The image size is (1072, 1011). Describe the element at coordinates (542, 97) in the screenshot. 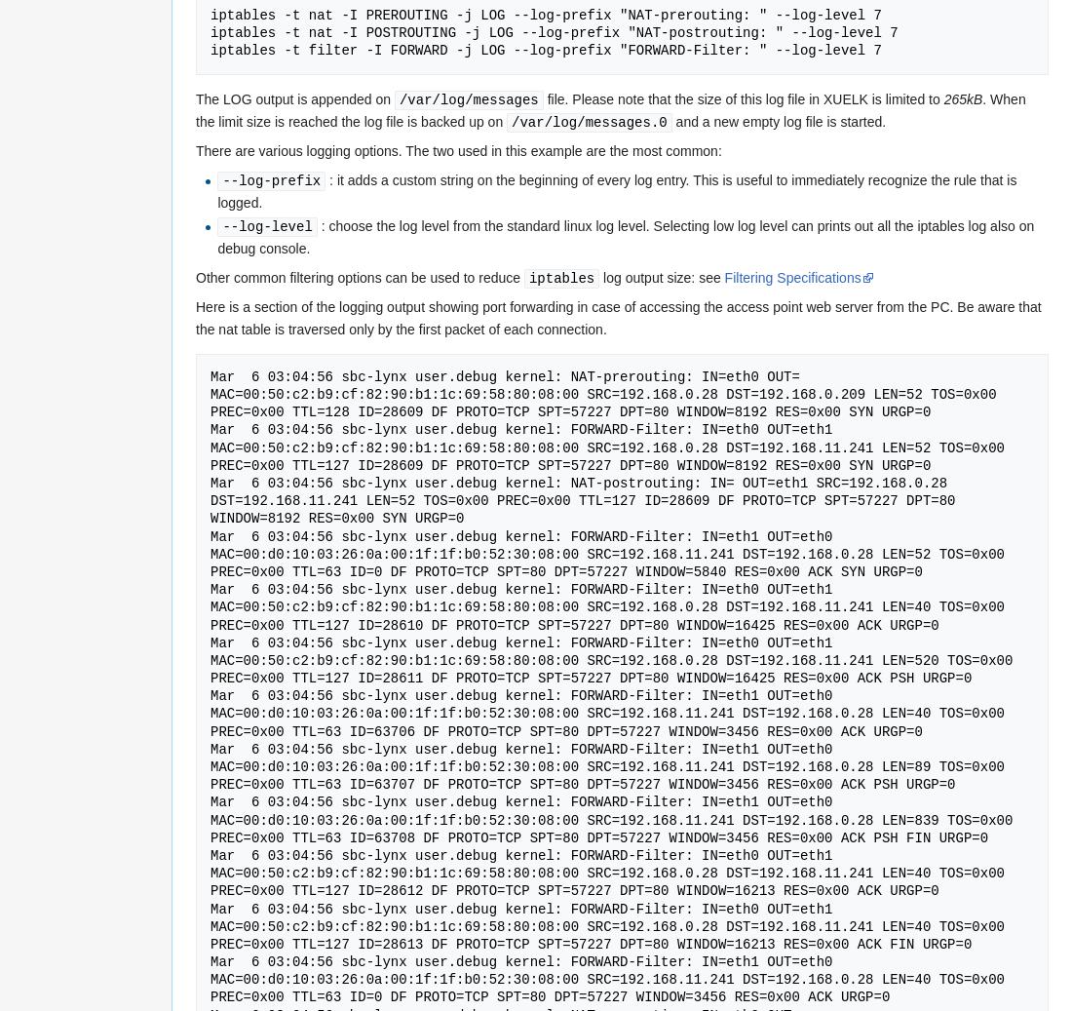

I see `'file. Please note that the size of this log file in XUELK is limited to'` at that location.